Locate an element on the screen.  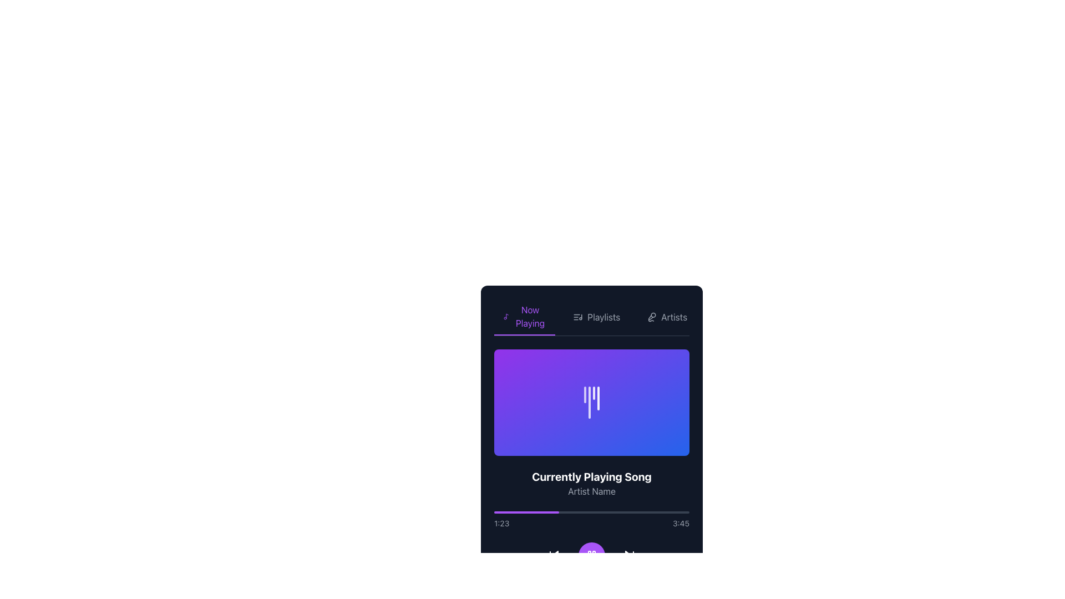
the icon button located at the bottom right of the interface is located at coordinates (629, 556).